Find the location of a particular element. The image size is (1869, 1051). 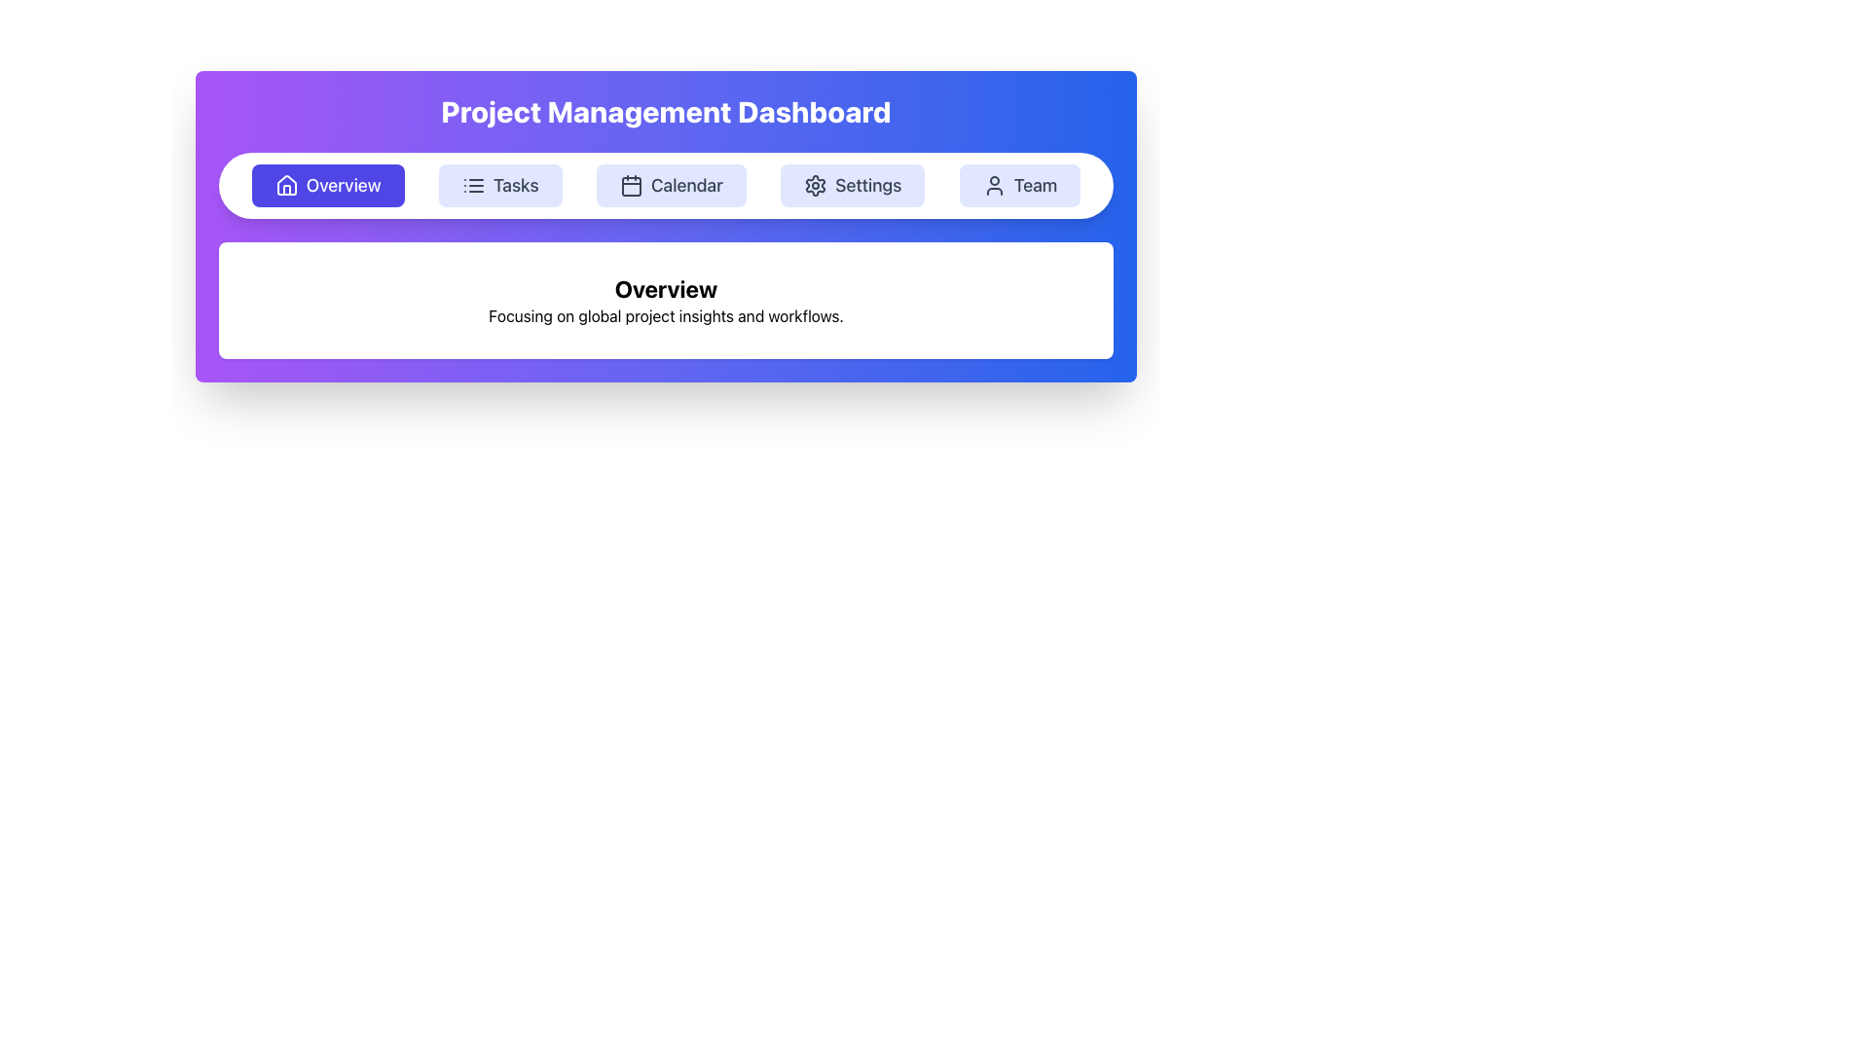

the calendar icon button located in the navigation bar, which is labeled 'Calendar' is located at coordinates (631, 186).